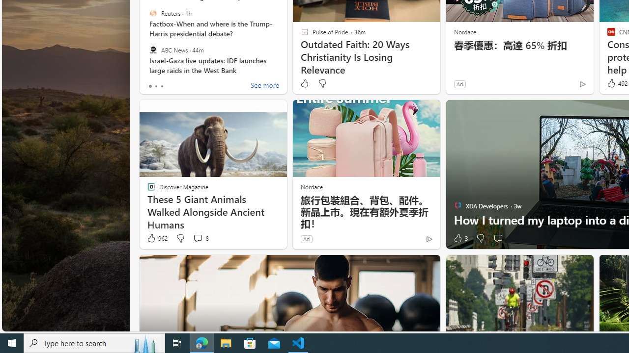 Image resolution: width=629 pixels, height=353 pixels. Describe the element at coordinates (459, 238) in the screenshot. I see `'3 Like'` at that location.